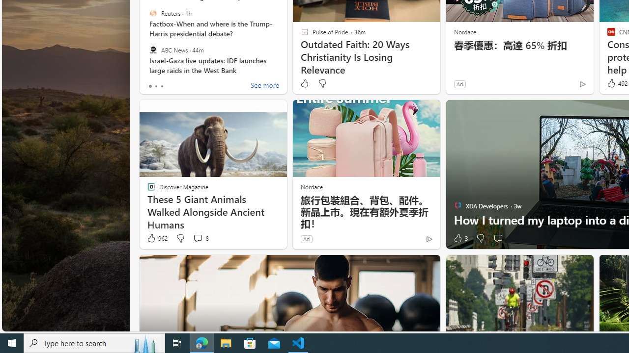 Image resolution: width=629 pixels, height=353 pixels. Describe the element at coordinates (459, 238) in the screenshot. I see `'3 Like'` at that location.